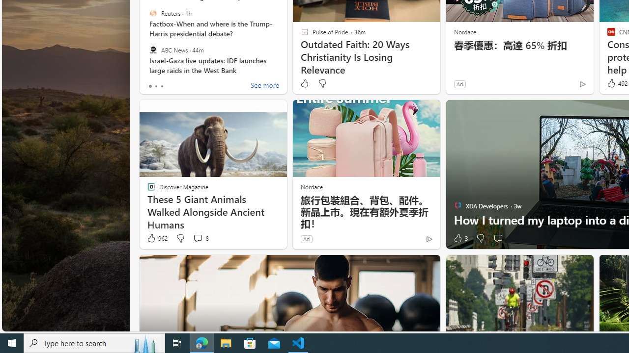 Image resolution: width=629 pixels, height=353 pixels. Describe the element at coordinates (459, 238) in the screenshot. I see `'3 Like'` at that location.